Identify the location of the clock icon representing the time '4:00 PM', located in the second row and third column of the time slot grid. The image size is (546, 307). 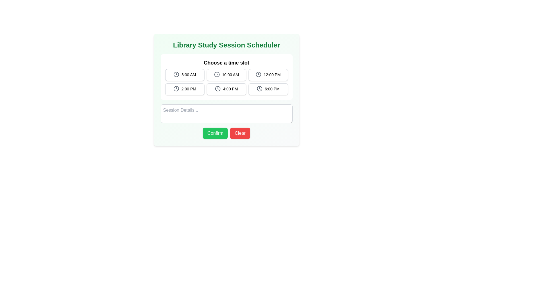
(218, 89).